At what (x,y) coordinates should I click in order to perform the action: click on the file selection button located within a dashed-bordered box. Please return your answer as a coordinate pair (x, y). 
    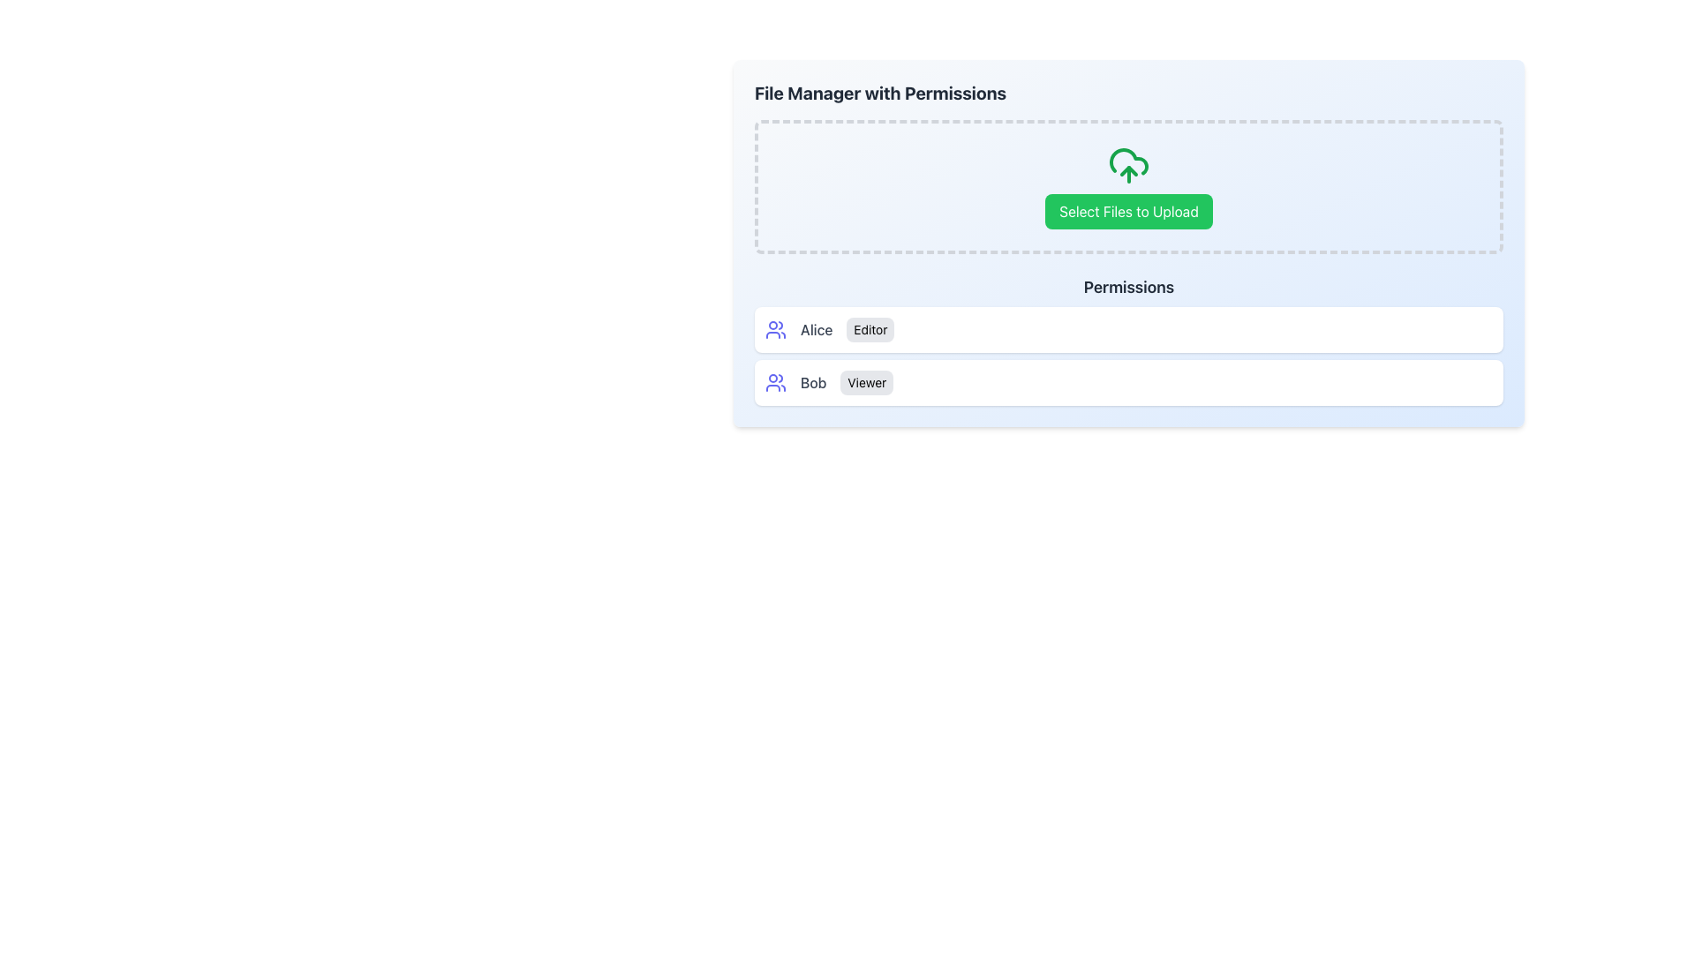
    Looking at the image, I should click on (1127, 187).